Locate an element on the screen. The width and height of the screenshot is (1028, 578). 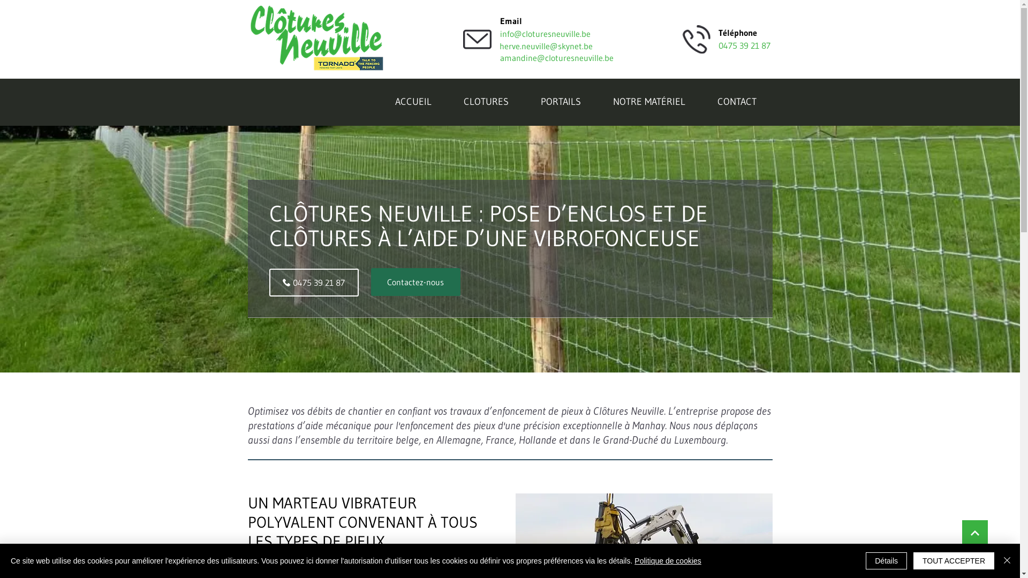
'CLOTURES' is located at coordinates (485, 103).